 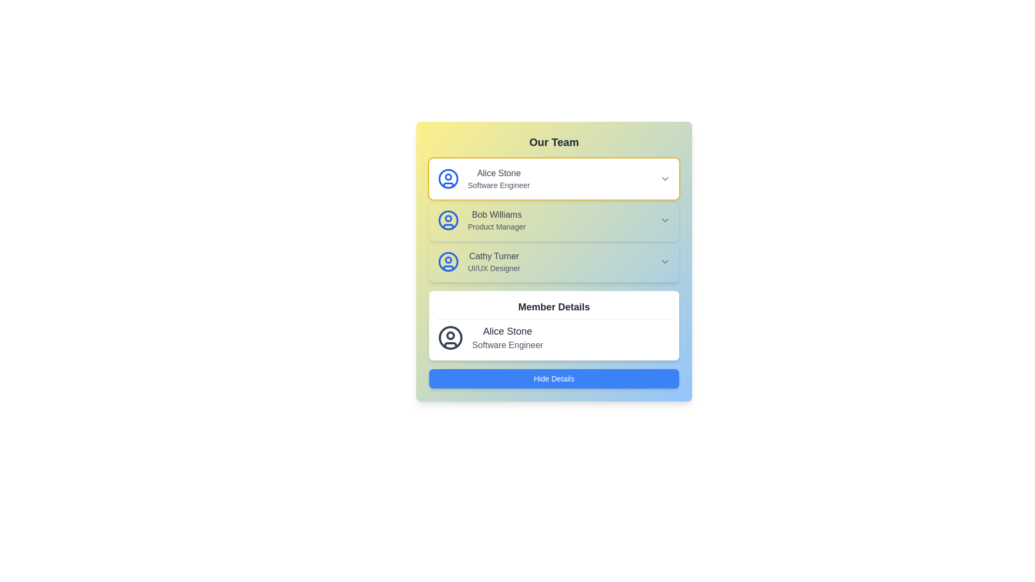 I want to click on the outermost circle of the user profile icon representing 'Alice Stone' located under the 'Our Team' heading, so click(x=448, y=178).